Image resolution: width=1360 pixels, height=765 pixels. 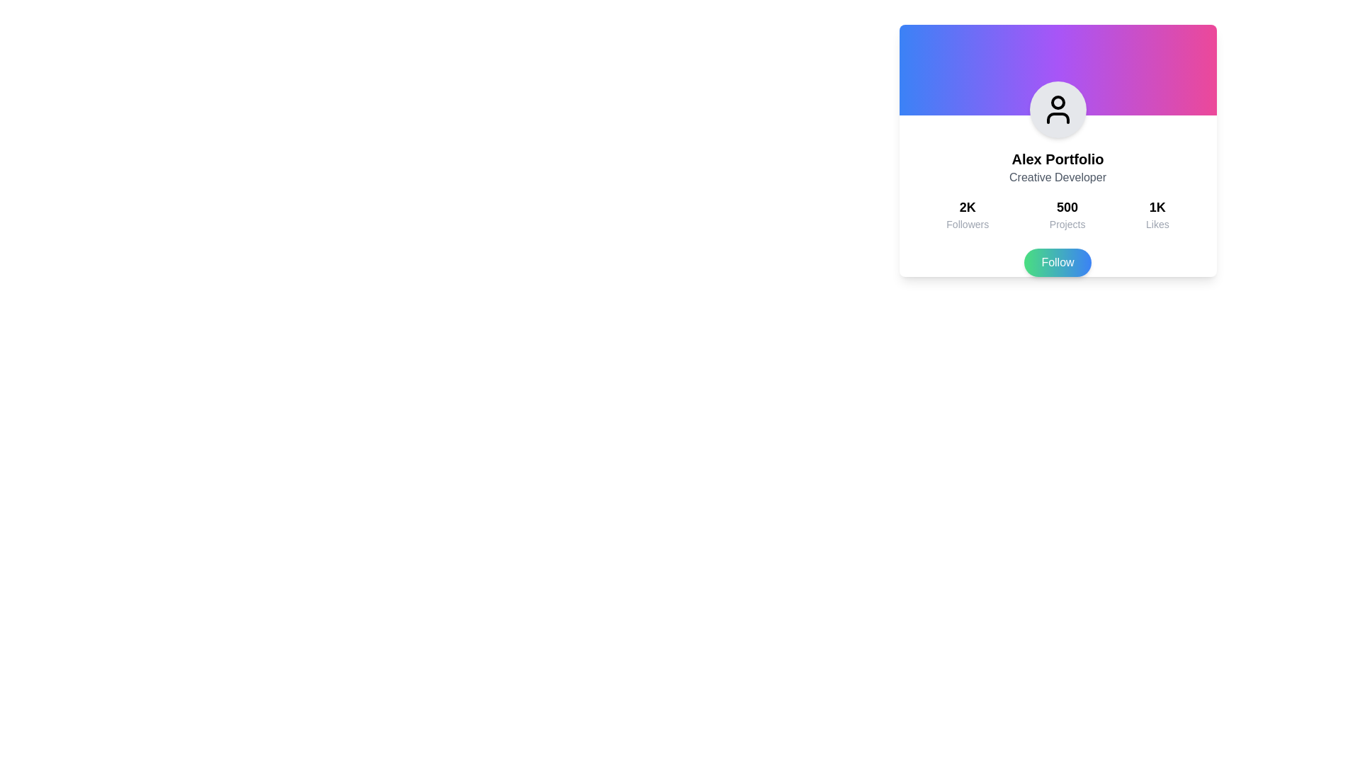 What do you see at coordinates (1067, 215) in the screenshot?
I see `the Text display element that shows the bold numerical figure '500' and the label 'Projects', located in the middle section of the layout` at bounding box center [1067, 215].